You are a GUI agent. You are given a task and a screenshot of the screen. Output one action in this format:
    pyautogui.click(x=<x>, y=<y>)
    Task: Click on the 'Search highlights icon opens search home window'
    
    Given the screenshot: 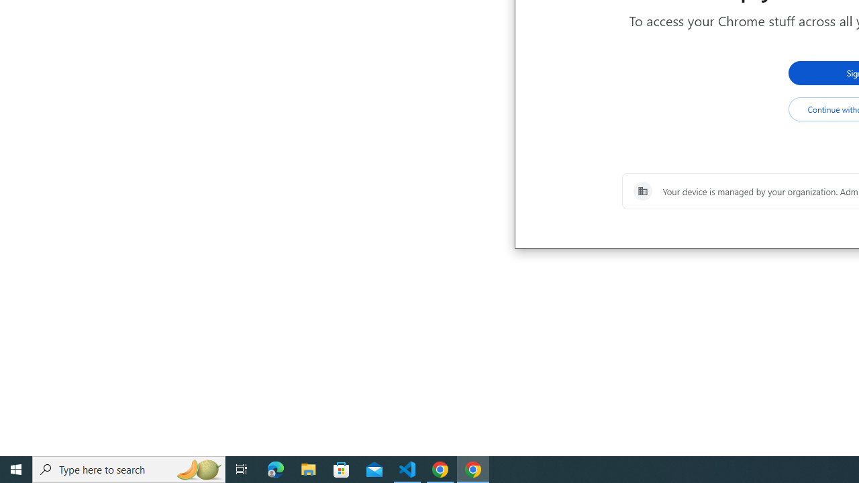 What is the action you would take?
    pyautogui.click(x=197, y=468)
    